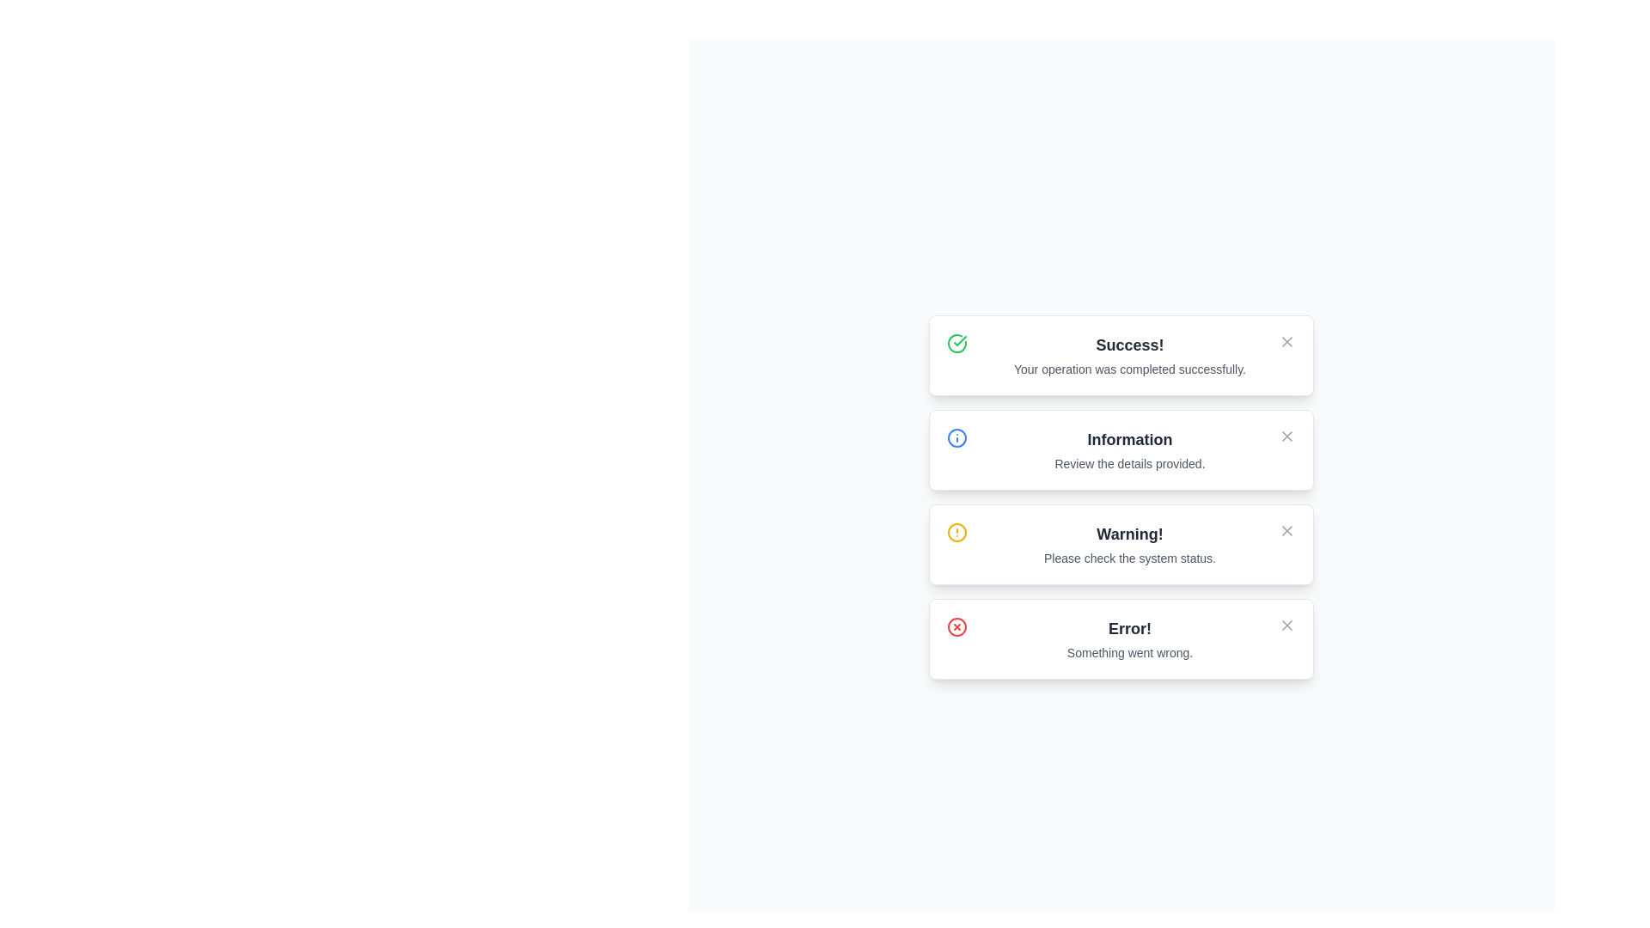 Image resolution: width=1650 pixels, height=928 pixels. I want to click on the text label confirming the successful completion of the operation, which is located underneath the 'Success!' message, so click(1130, 368).